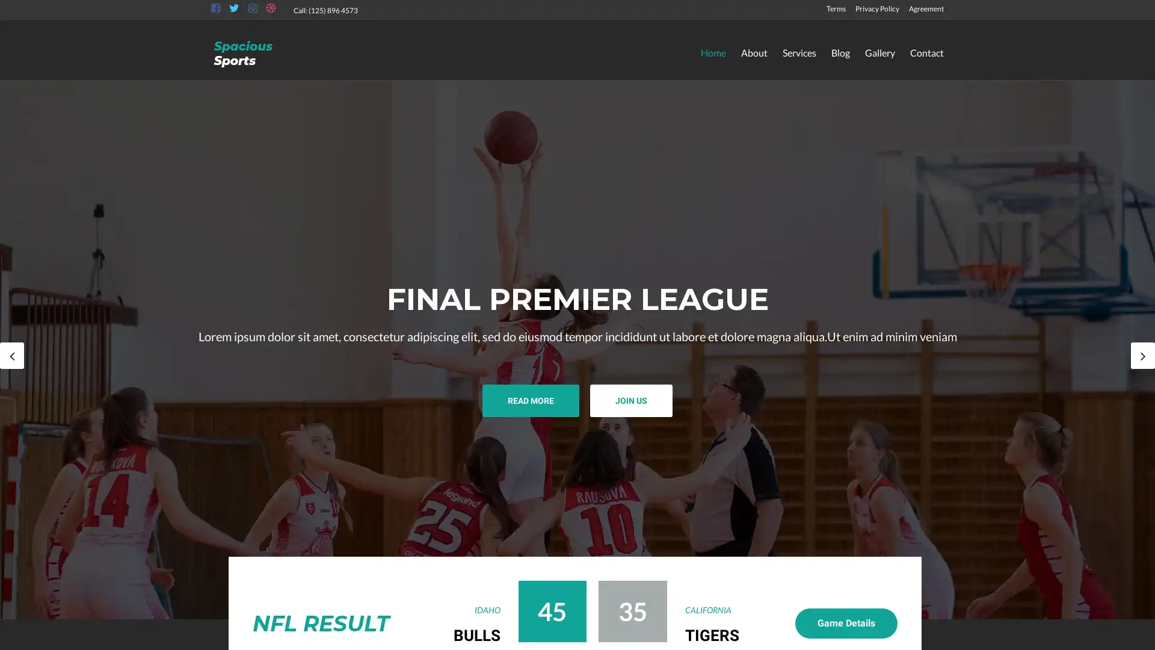  Describe the element at coordinates (845, 623) in the screenshot. I see `Game Details` at that location.